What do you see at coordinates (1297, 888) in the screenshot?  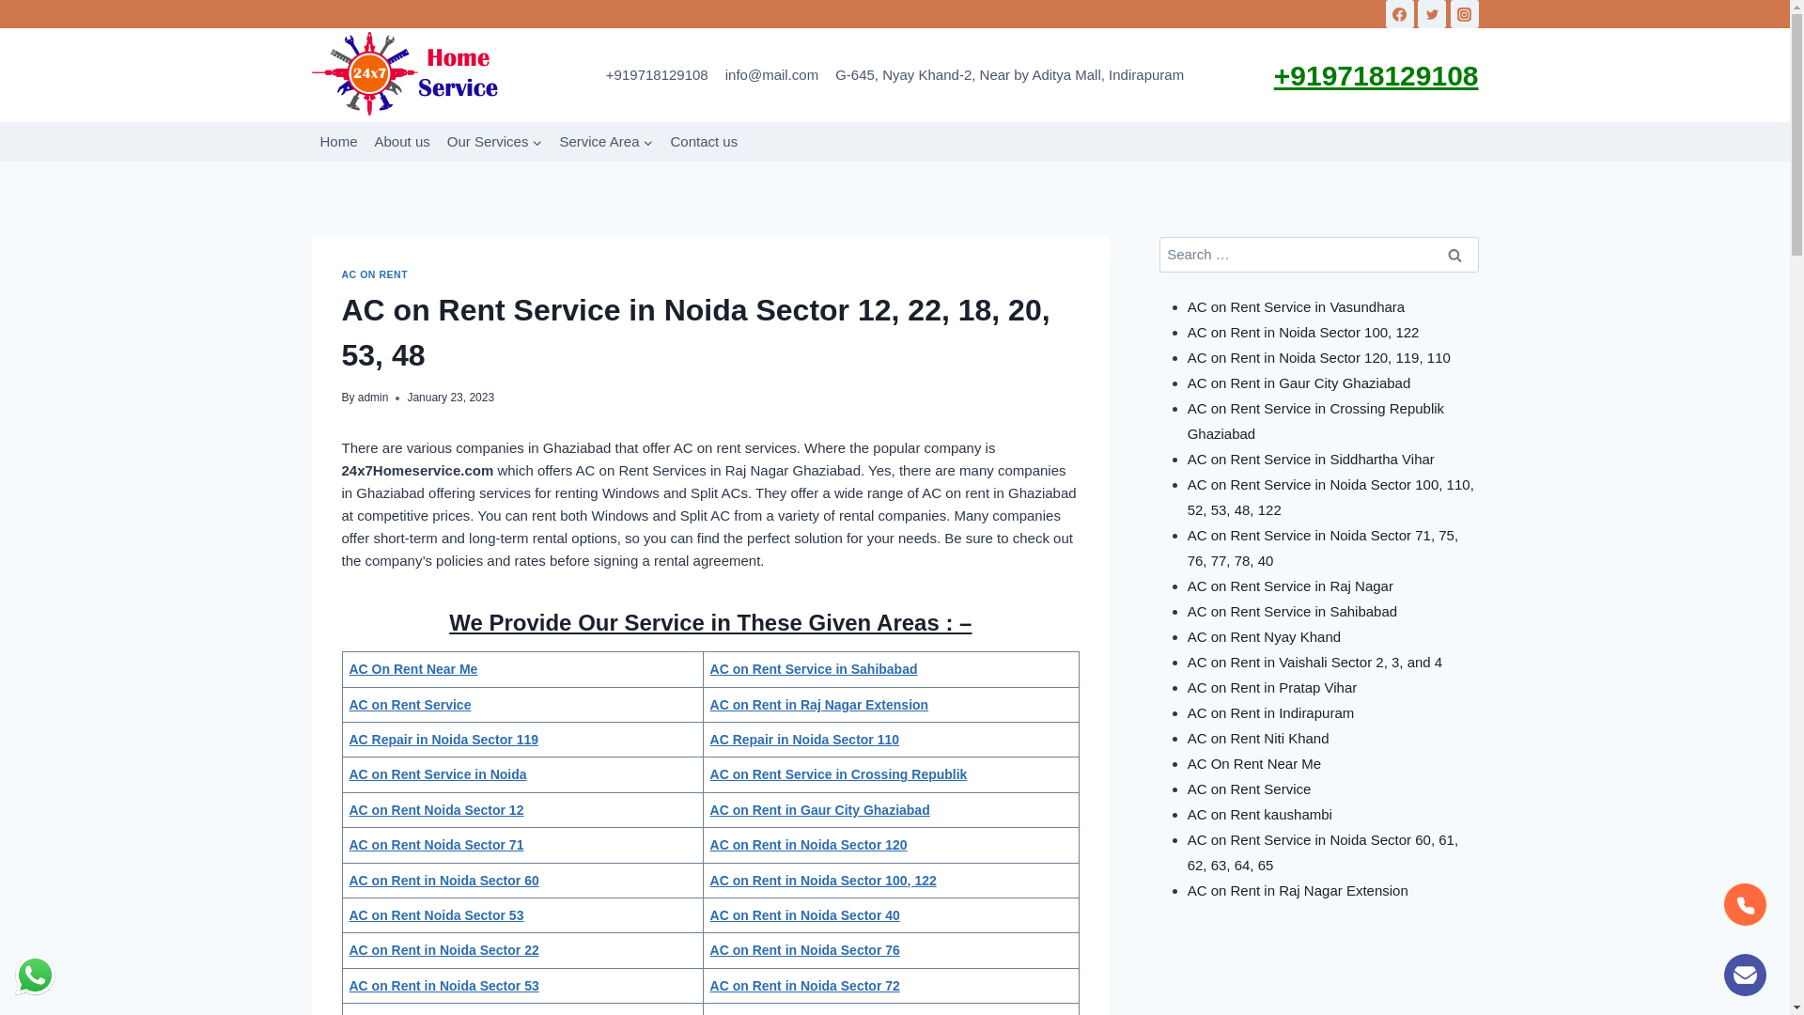 I see `'AC on Rent in Raj Nagar Extension'` at bounding box center [1297, 888].